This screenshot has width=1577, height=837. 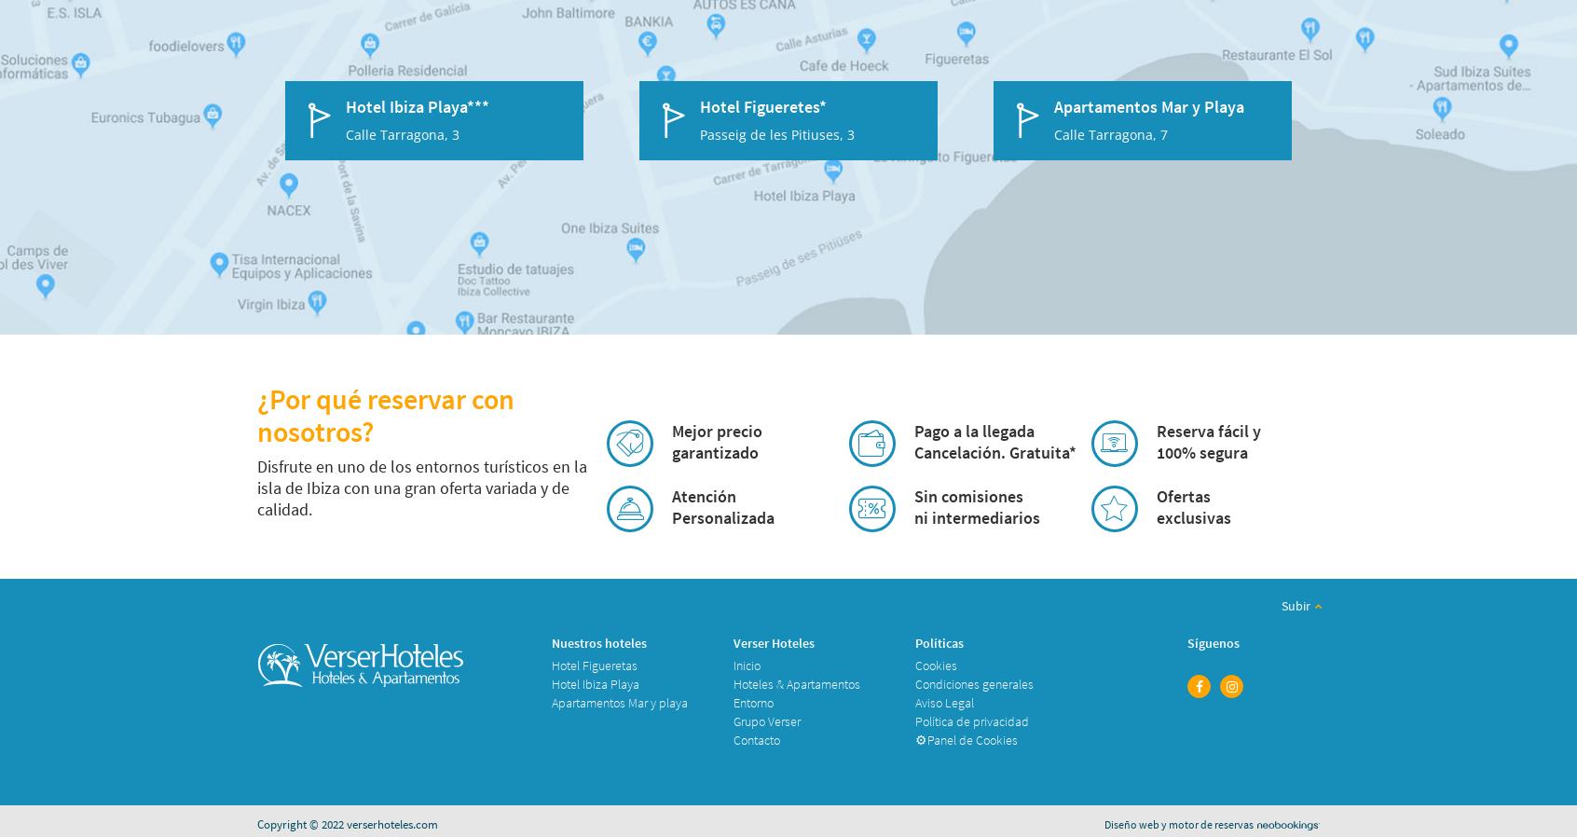 What do you see at coordinates (1183, 495) in the screenshot?
I see `'Ofertas'` at bounding box center [1183, 495].